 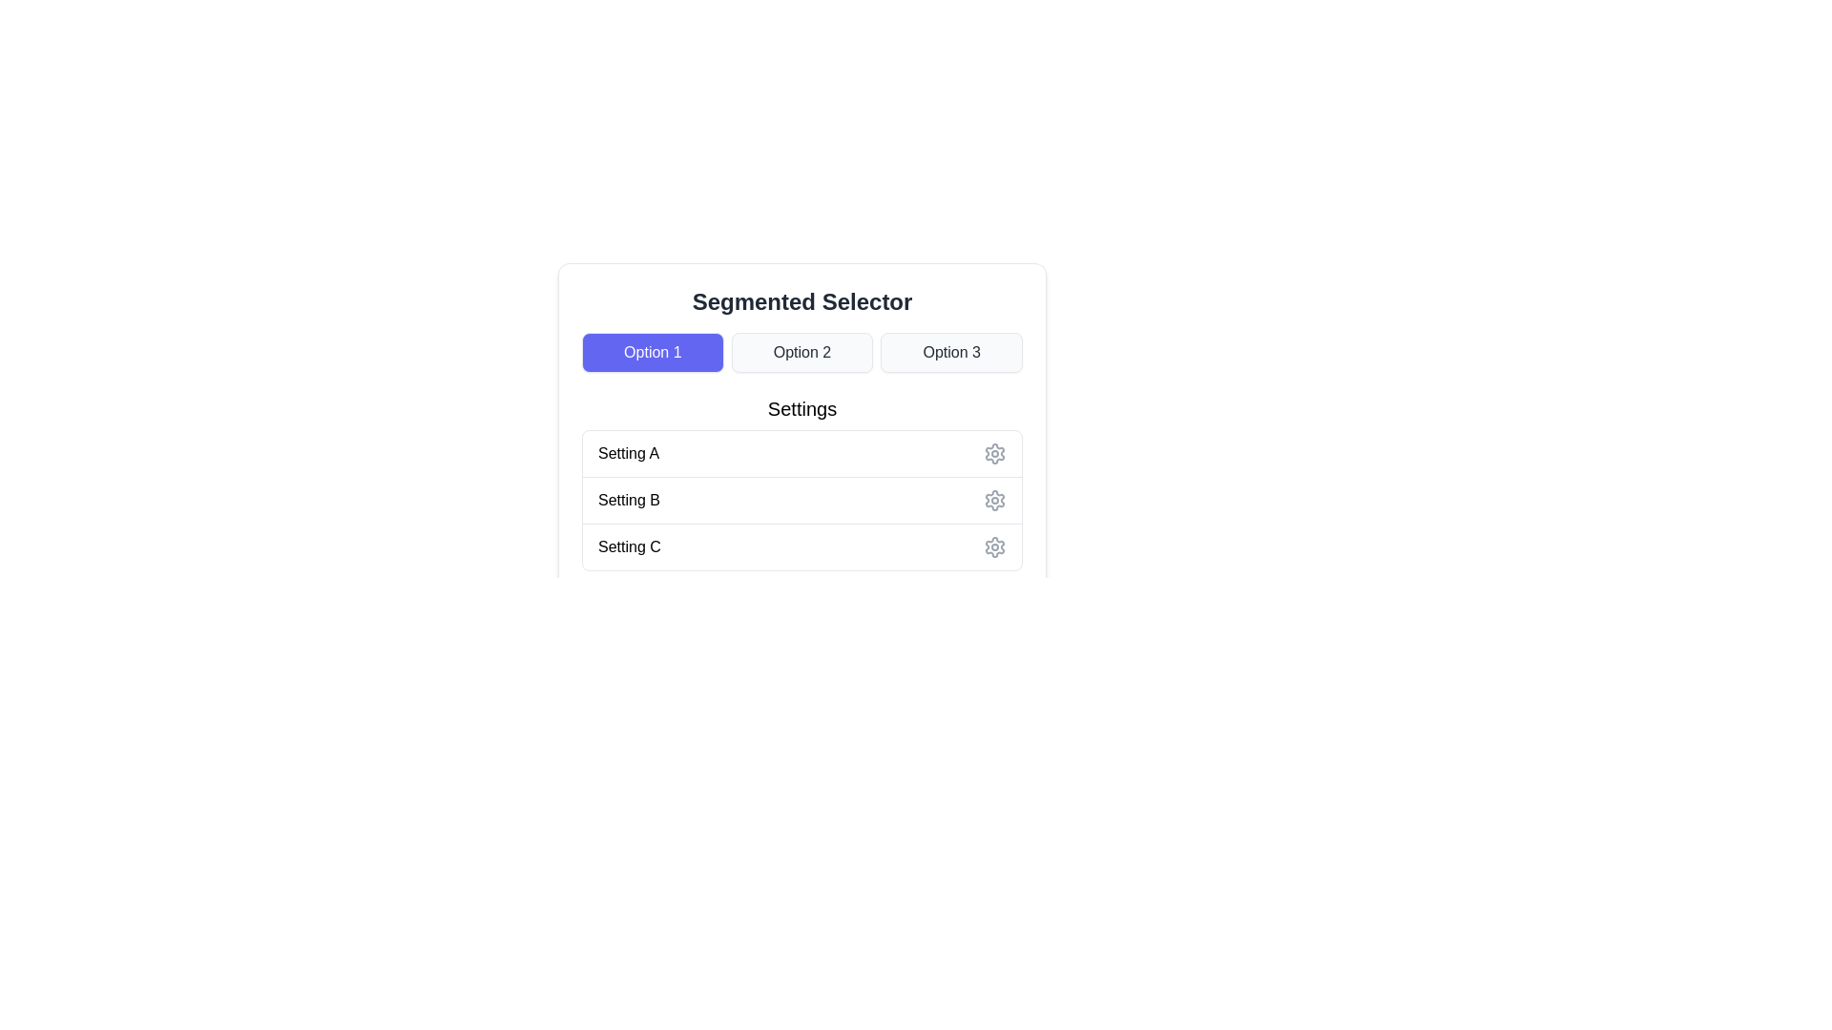 I want to click on the indigo 'Option 1' button with white text located at the top-left of the 'Segmented Selector' section, so click(x=653, y=353).